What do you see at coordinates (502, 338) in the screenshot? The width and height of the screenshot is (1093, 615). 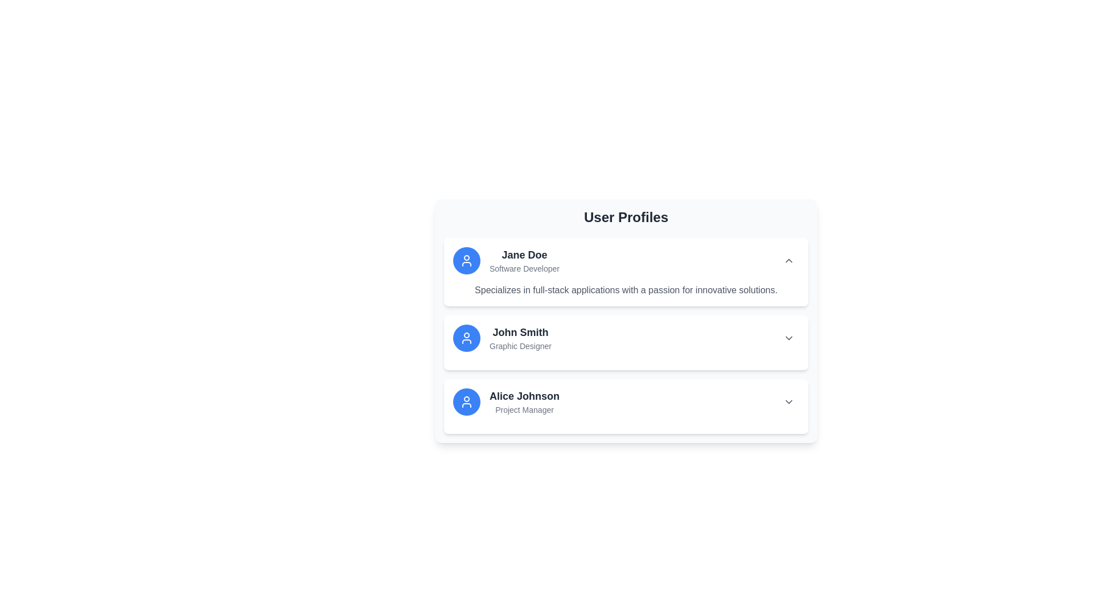 I see `the circular user icon of the Profile Card for 'John Smith', which is the second card in the 'User Profiles' list` at bounding box center [502, 338].